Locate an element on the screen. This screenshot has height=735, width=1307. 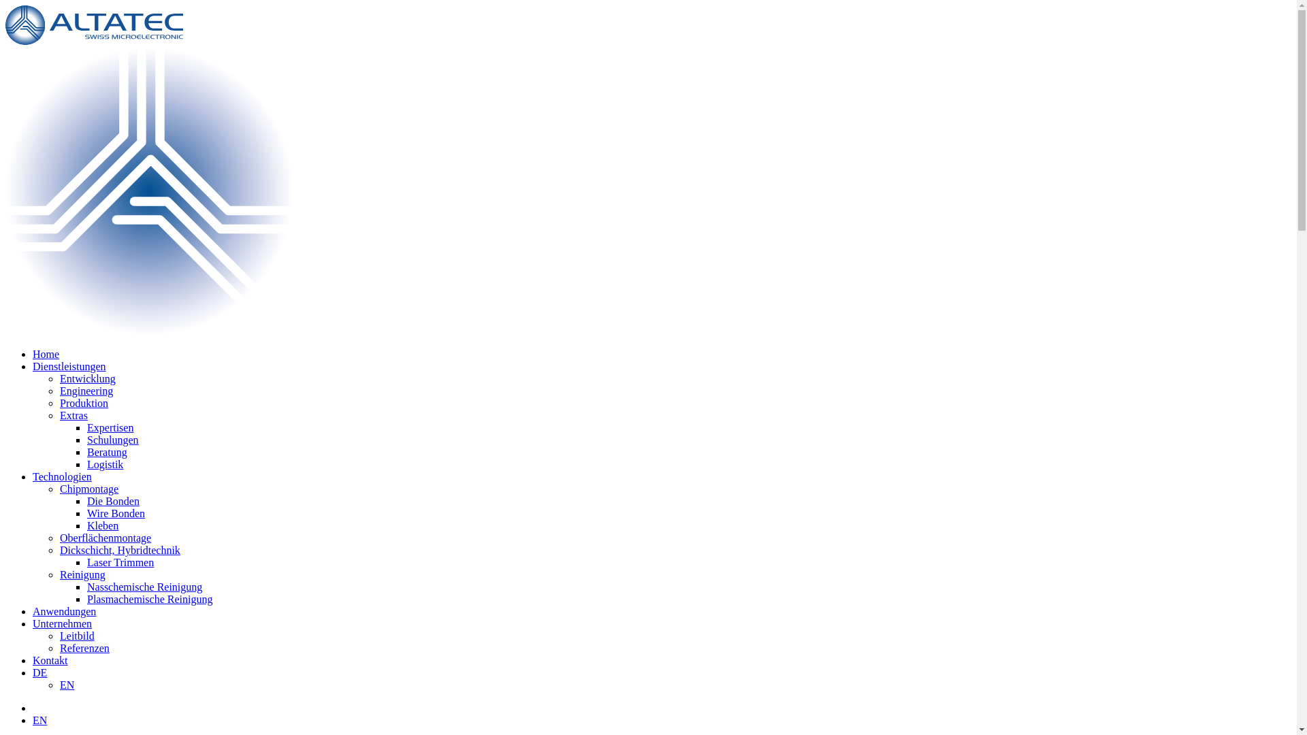
'Engineering' is located at coordinates (85, 391).